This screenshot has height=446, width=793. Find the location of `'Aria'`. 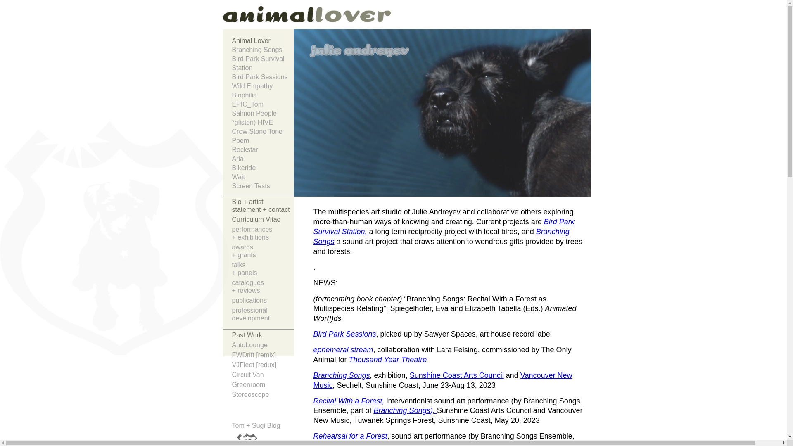

'Aria' is located at coordinates (231, 159).